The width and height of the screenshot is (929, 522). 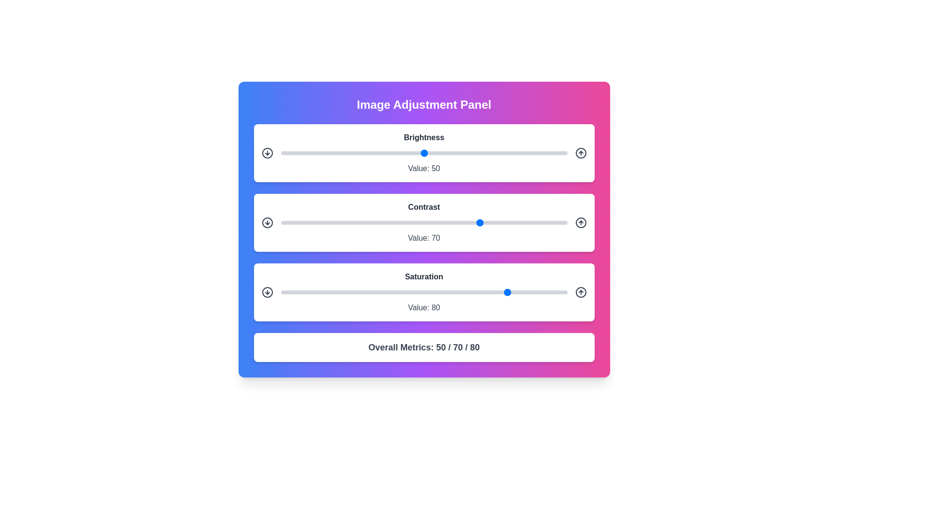 I want to click on the contrast, so click(x=441, y=223).